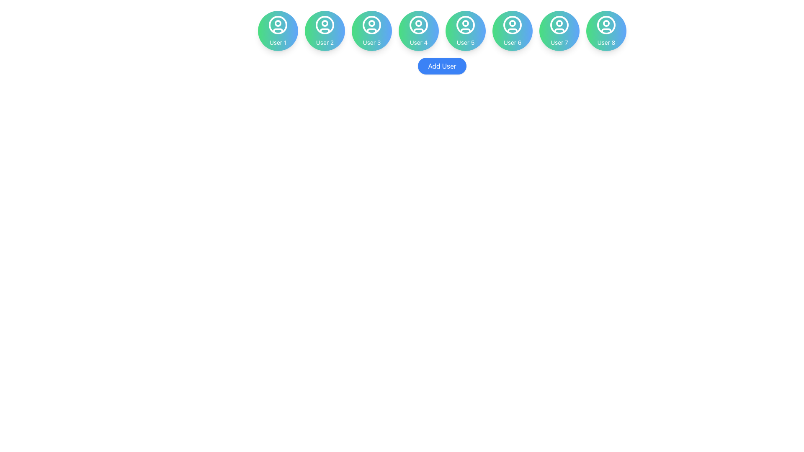 The image size is (804, 452). What do you see at coordinates (278, 25) in the screenshot?
I see `the user icon with a green-to-blue gradient background, which is part of the 'User 1' circular button` at bounding box center [278, 25].